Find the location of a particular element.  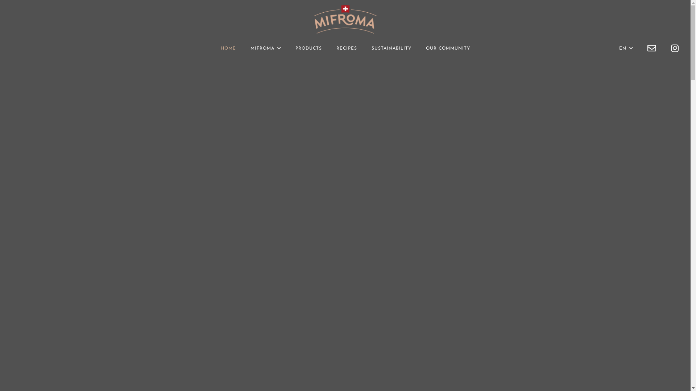

'OUR COMMUNITY' is located at coordinates (426, 49).